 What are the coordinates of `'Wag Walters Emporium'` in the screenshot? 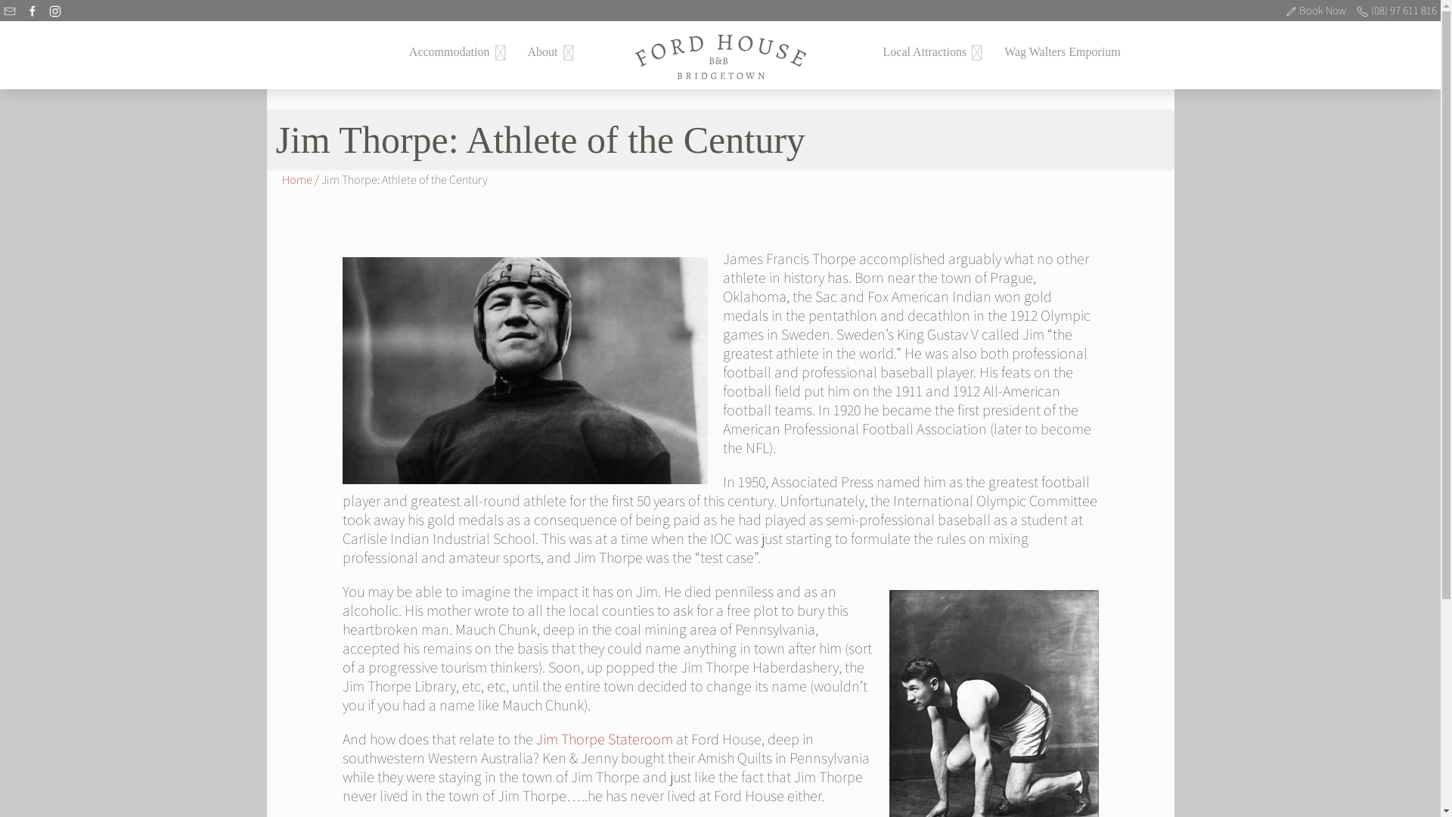 It's located at (1062, 51).